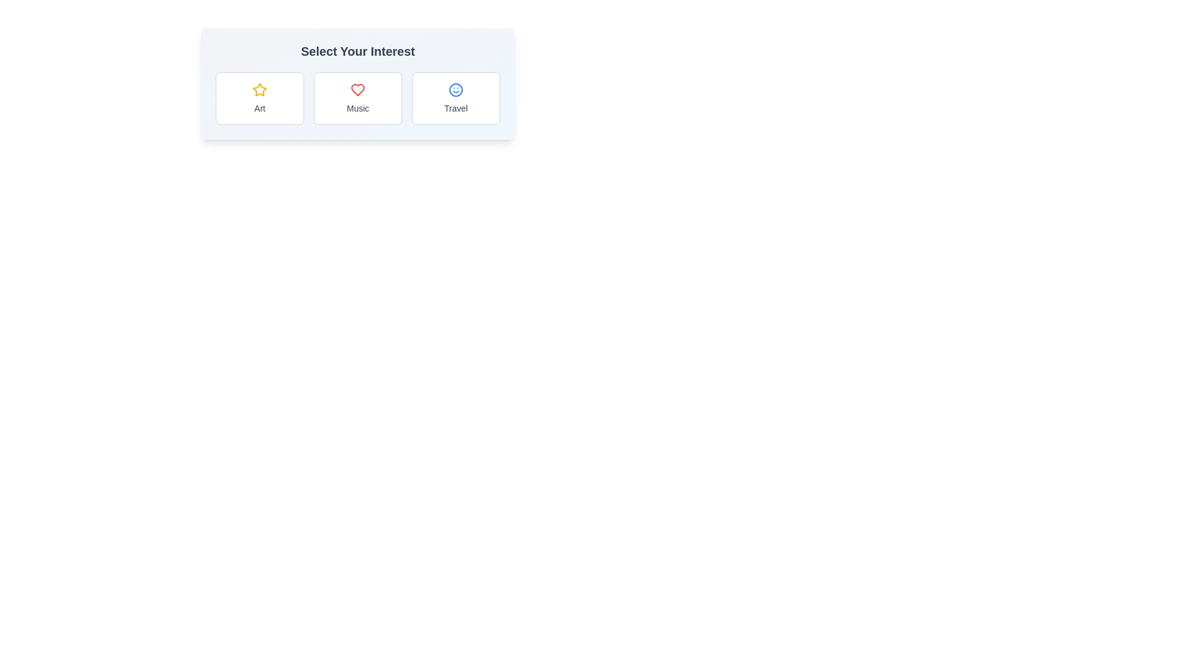 The height and width of the screenshot is (662, 1177). I want to click on the heart icon representing 'Music' in the selection interface, so click(357, 89).